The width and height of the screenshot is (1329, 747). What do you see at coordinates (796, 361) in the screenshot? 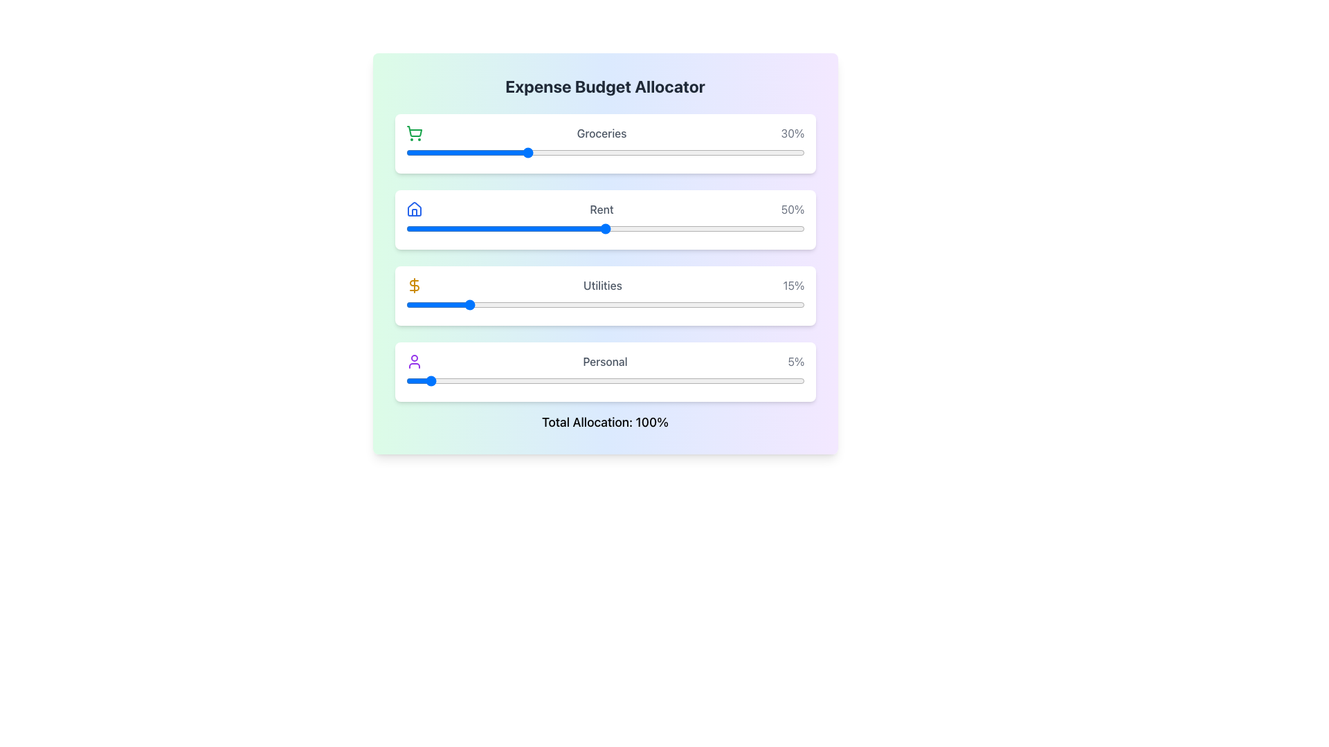
I see `the static text label displaying '5%' which is styled in light gray and positioned at the far right of the 'Personal' row in the expense allocation list` at bounding box center [796, 361].